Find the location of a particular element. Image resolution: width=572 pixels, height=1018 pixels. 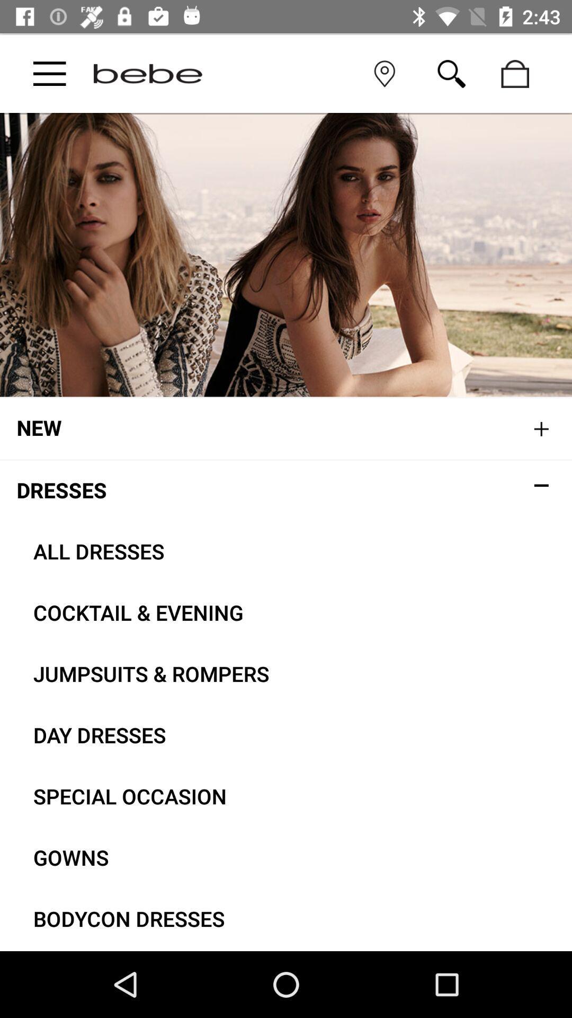

a pulldown meni is located at coordinates (49, 73).